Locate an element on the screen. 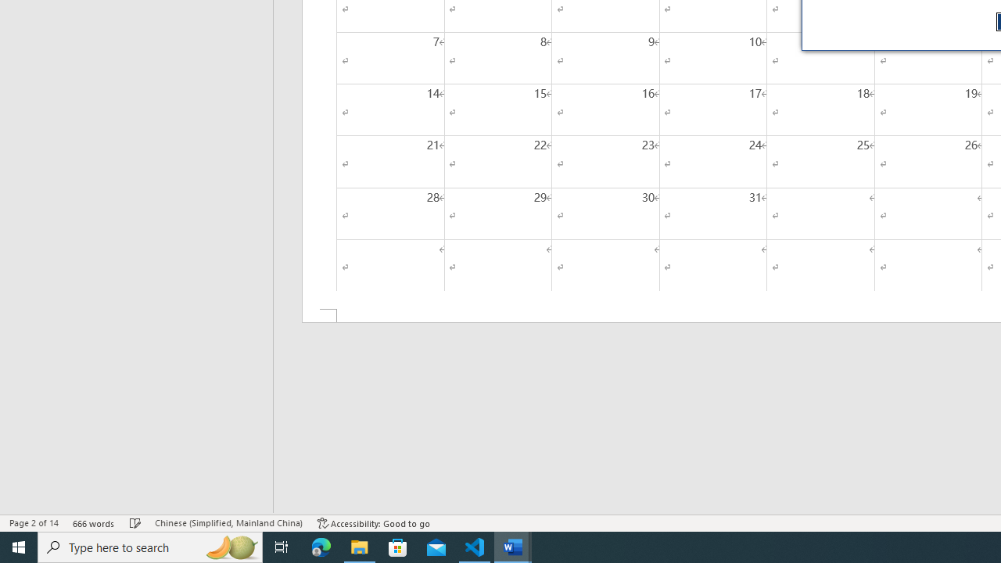 This screenshot has height=563, width=1001. 'Start' is located at coordinates (19, 546).